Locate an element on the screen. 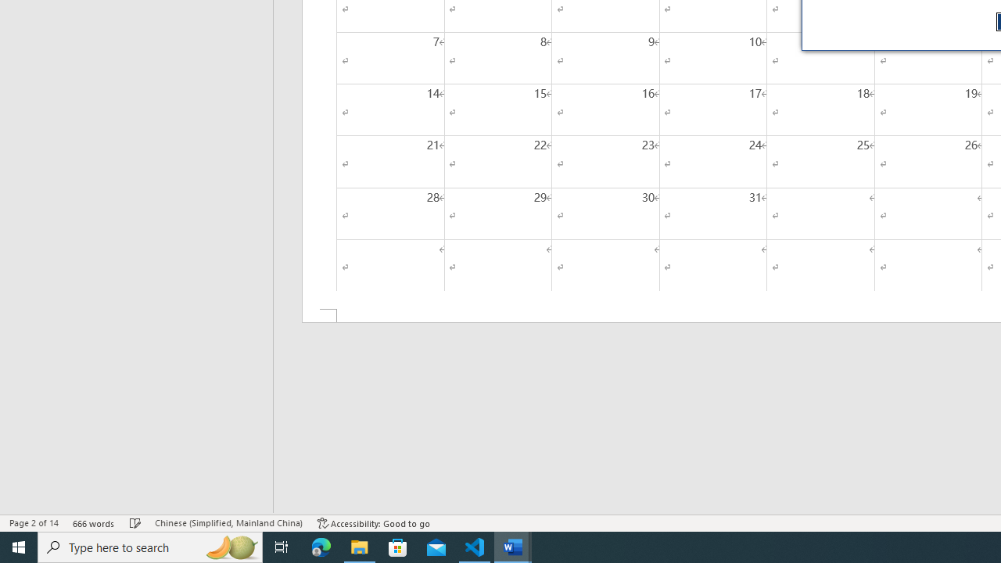 This screenshot has height=563, width=1001. 'Start' is located at coordinates (19, 546).